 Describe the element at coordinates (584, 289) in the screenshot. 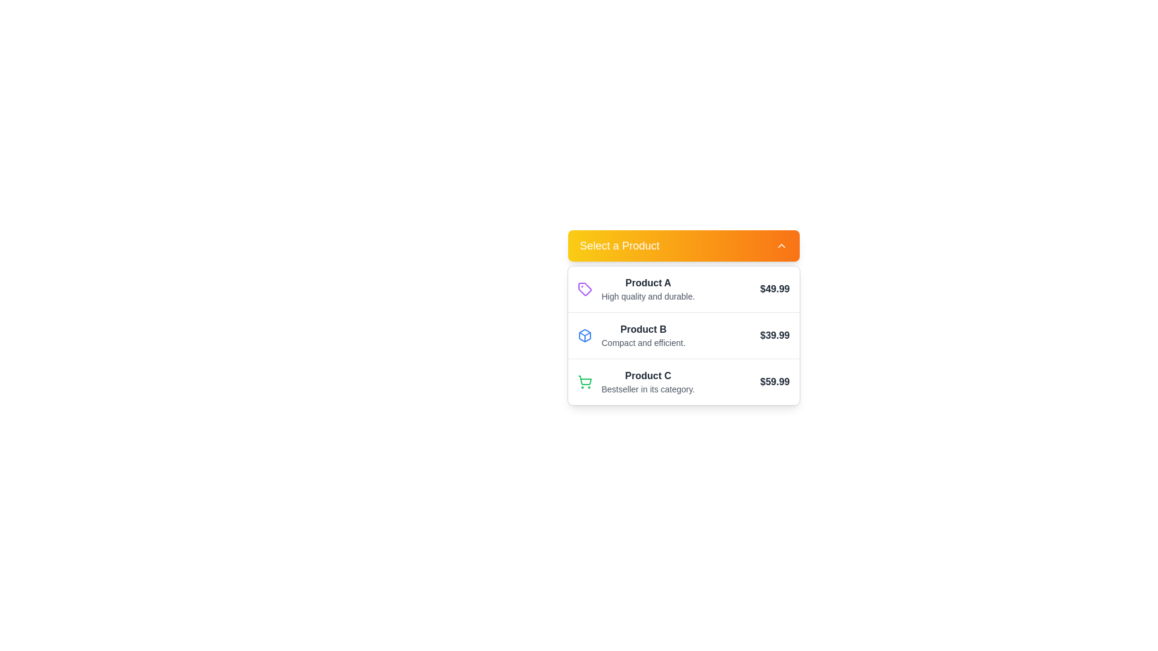

I see `the purple tag icon located to the left of 'Product A' in the product list` at that location.